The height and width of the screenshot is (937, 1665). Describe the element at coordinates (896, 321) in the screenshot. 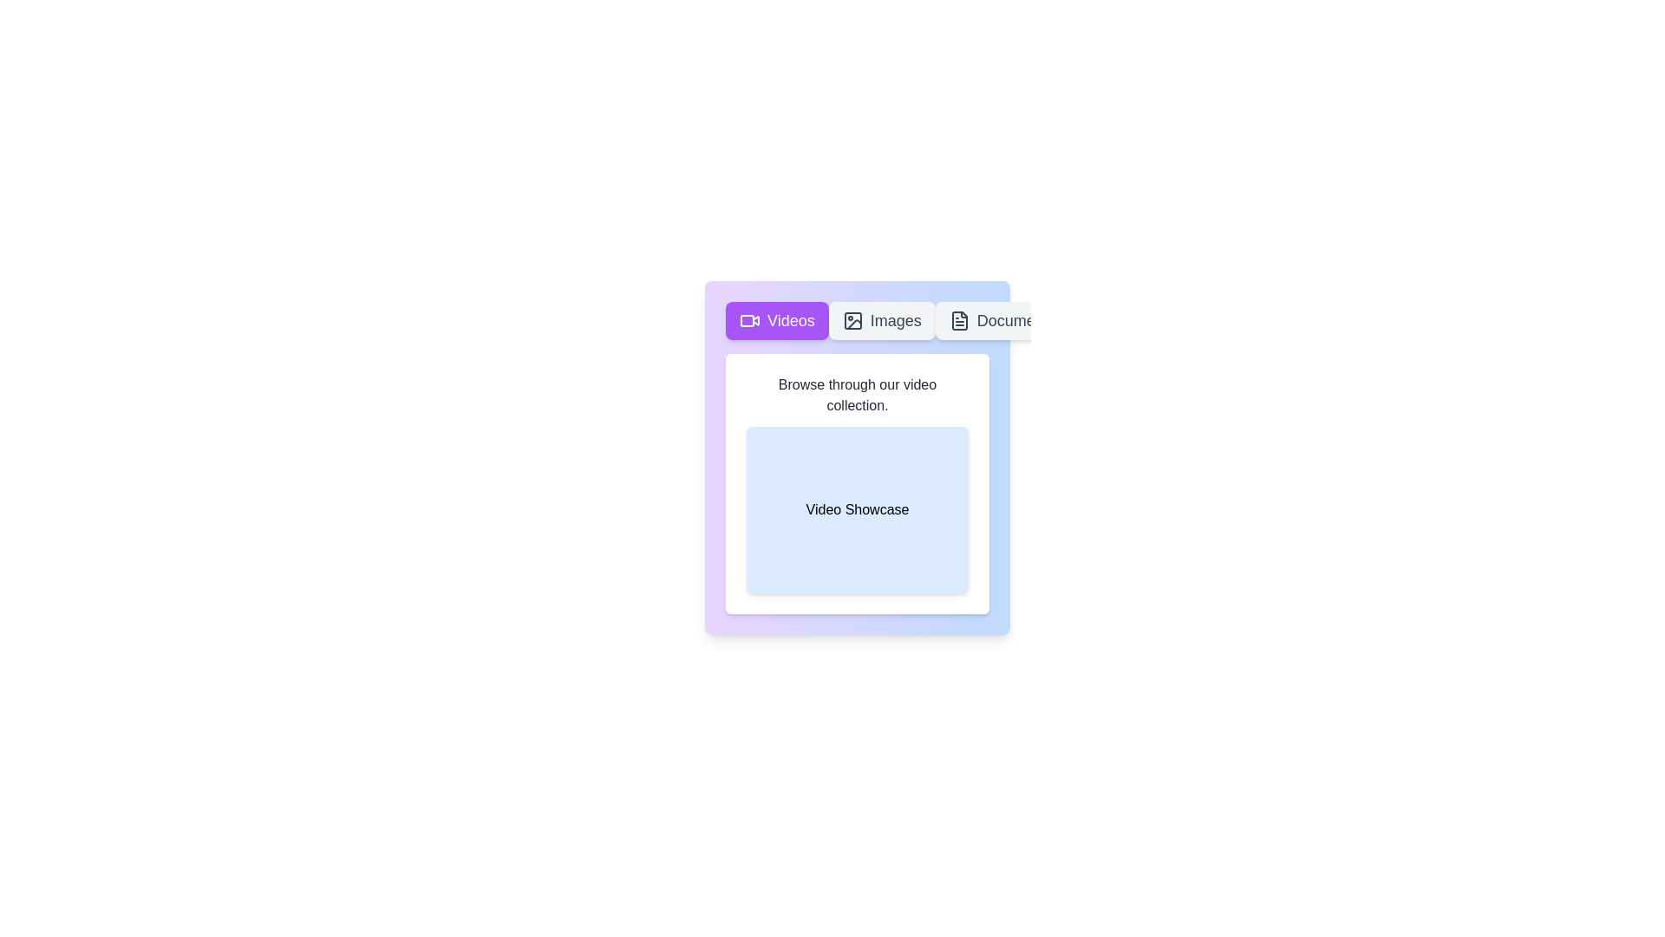

I see `the 'Images' text label within the interactive button` at that location.